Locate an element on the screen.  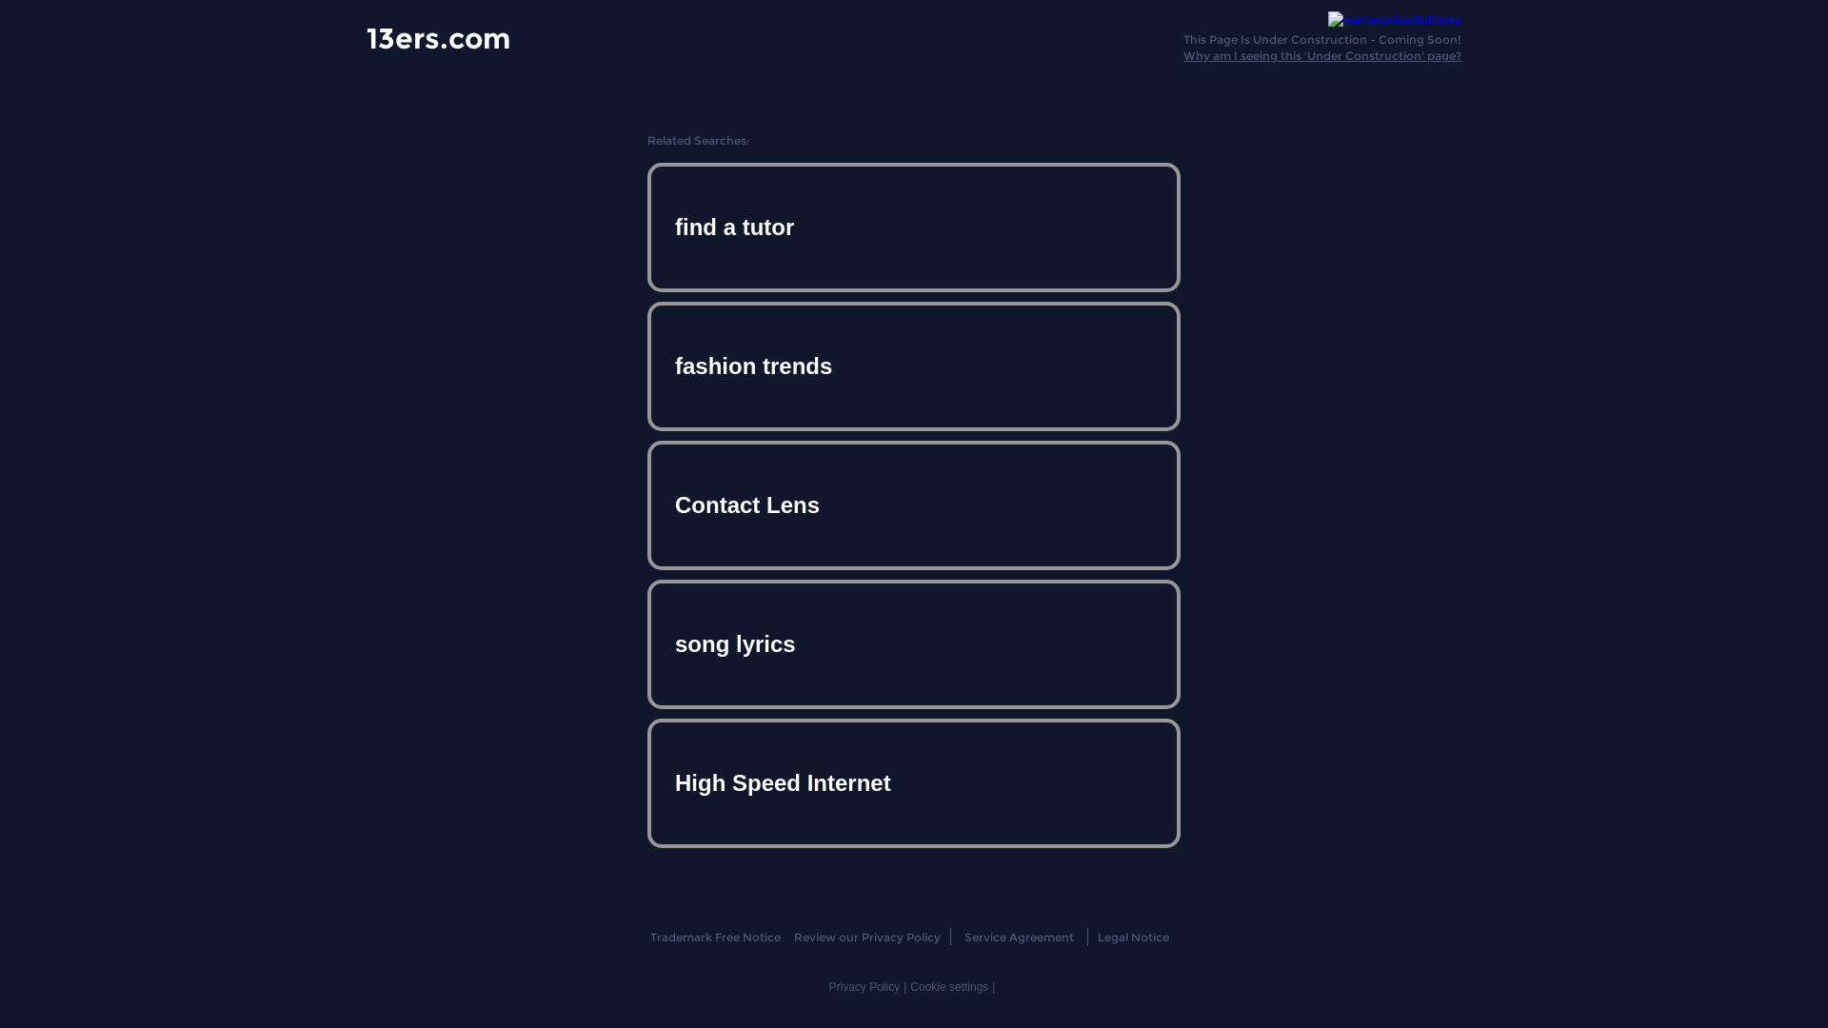
'Legal Notice' is located at coordinates (1132, 936).